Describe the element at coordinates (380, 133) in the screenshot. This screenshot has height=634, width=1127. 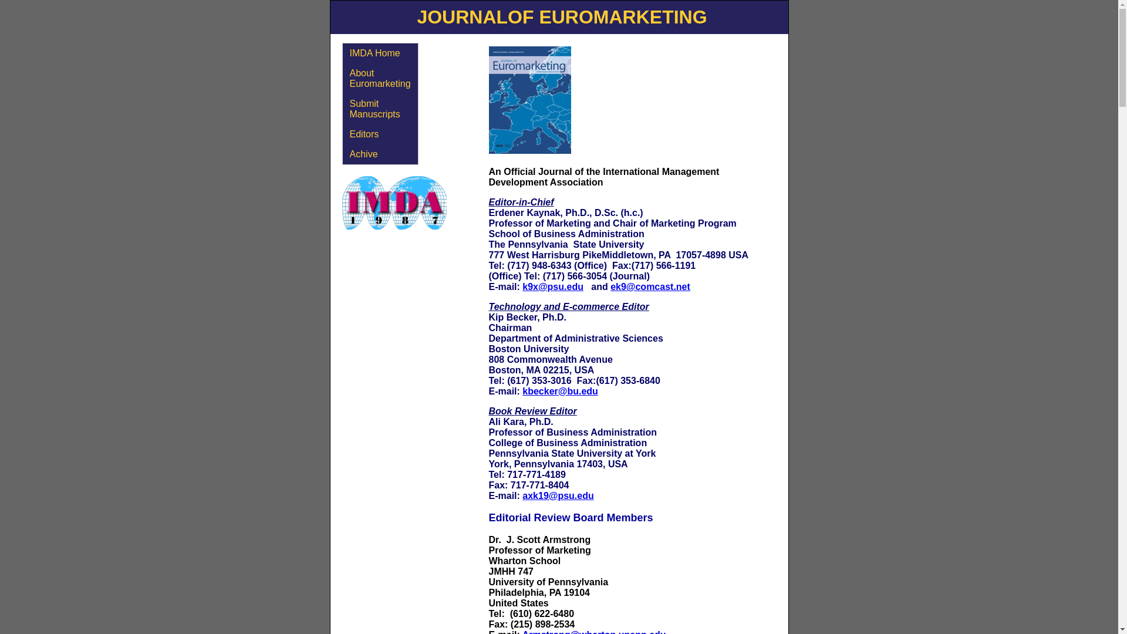
I see `'Editors'` at that location.